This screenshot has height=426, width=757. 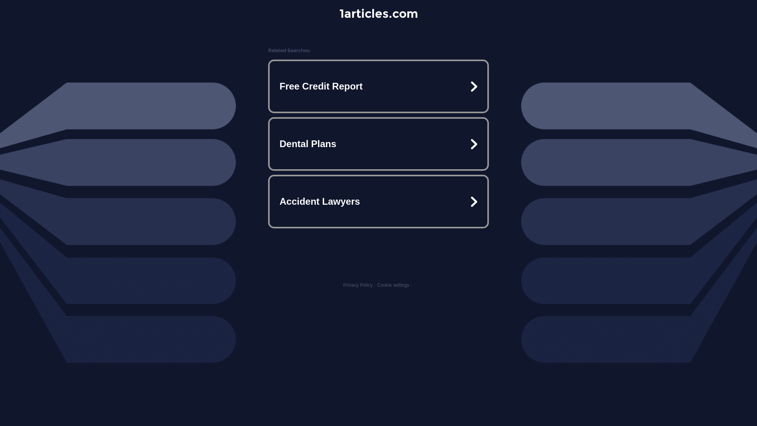 I want to click on 'Free Credit Report', so click(x=270, y=86).